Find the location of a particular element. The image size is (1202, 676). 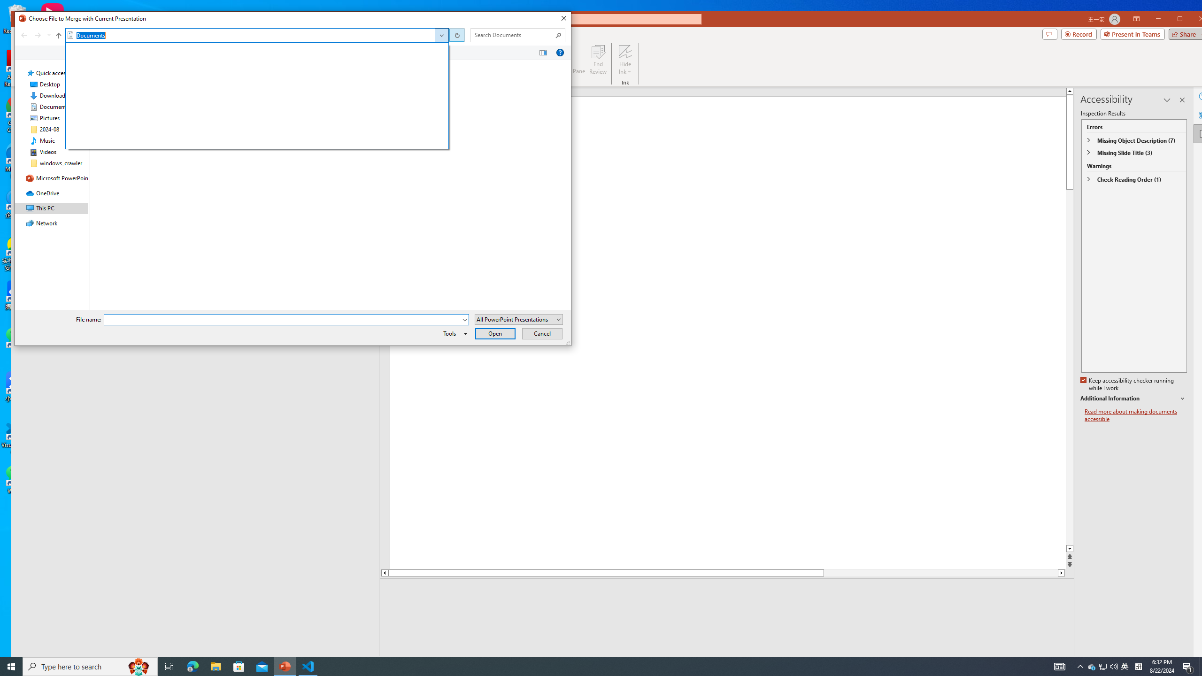

'PowerPoint - 1 running window' is located at coordinates (285, 666).